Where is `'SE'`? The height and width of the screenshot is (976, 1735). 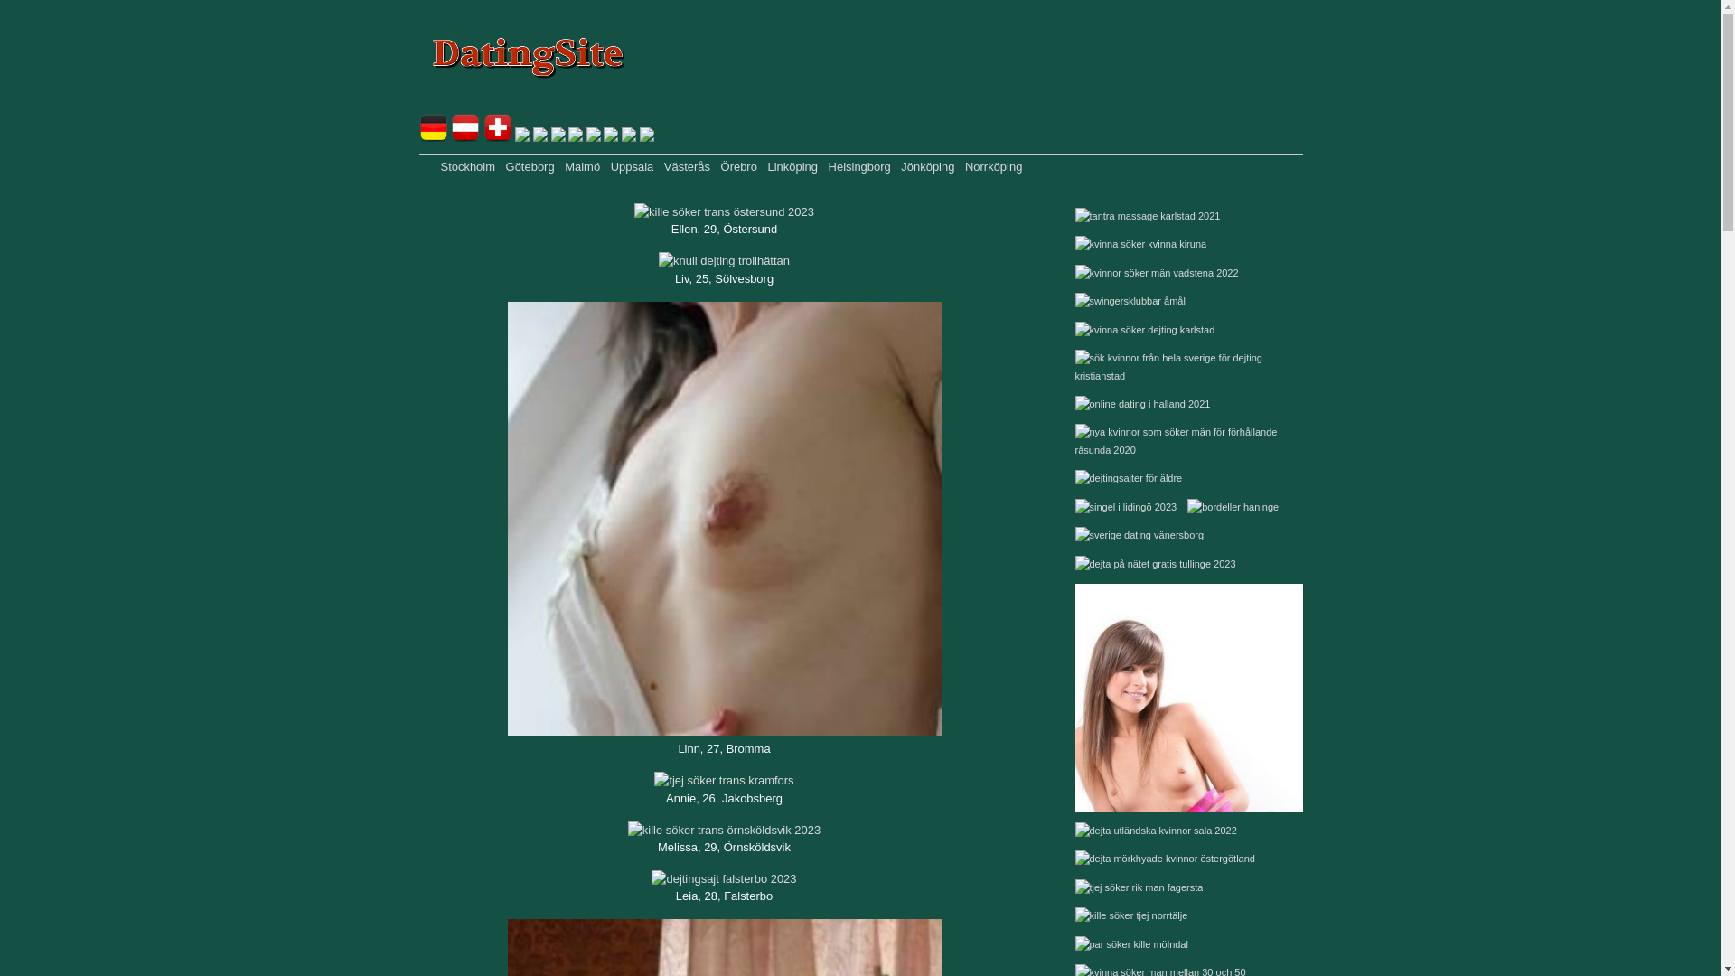 'SE' is located at coordinates (594, 136).